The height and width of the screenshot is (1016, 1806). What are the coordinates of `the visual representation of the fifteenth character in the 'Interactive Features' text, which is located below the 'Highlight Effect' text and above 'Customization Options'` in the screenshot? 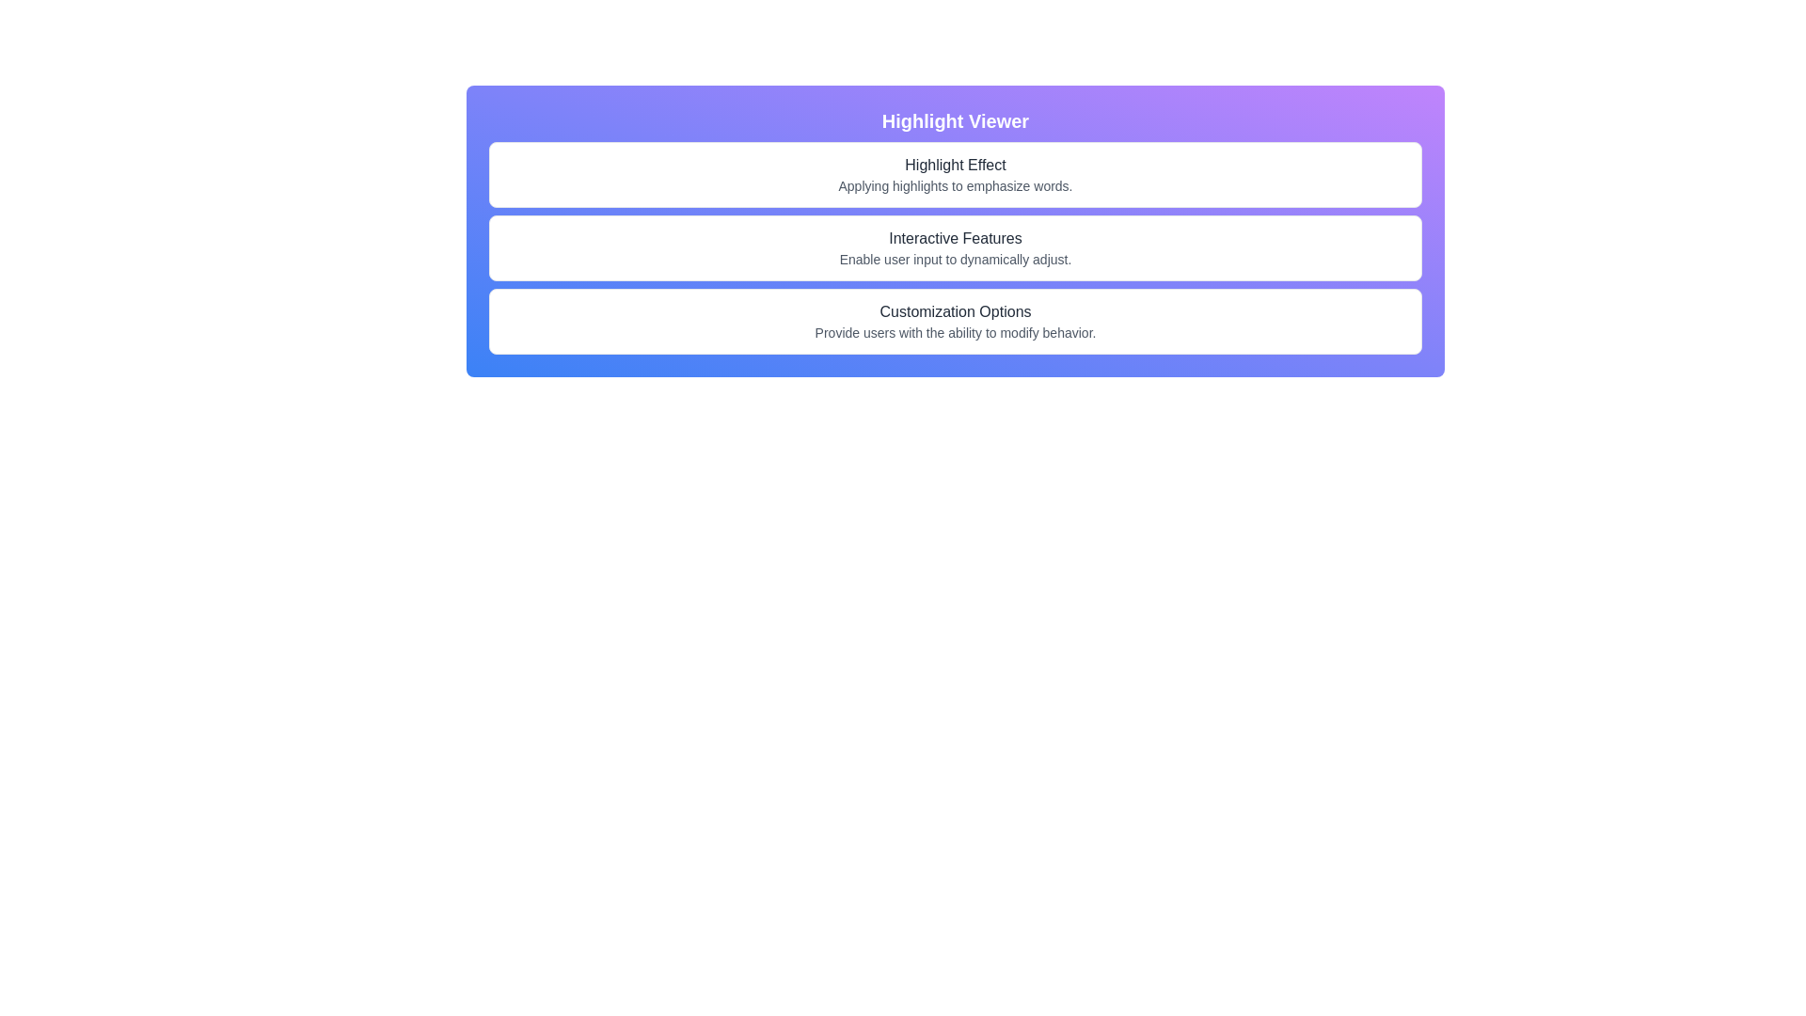 It's located at (983, 237).